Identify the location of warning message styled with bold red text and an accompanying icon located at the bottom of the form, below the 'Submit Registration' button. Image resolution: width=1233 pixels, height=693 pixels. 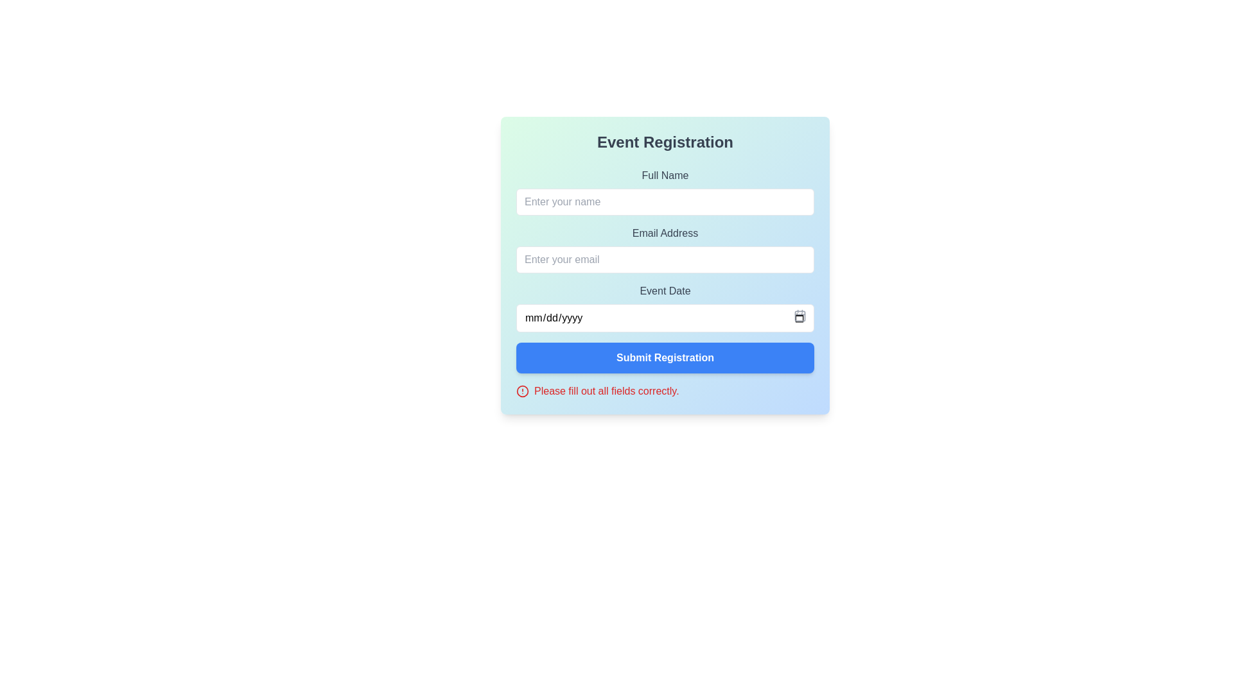
(665, 390).